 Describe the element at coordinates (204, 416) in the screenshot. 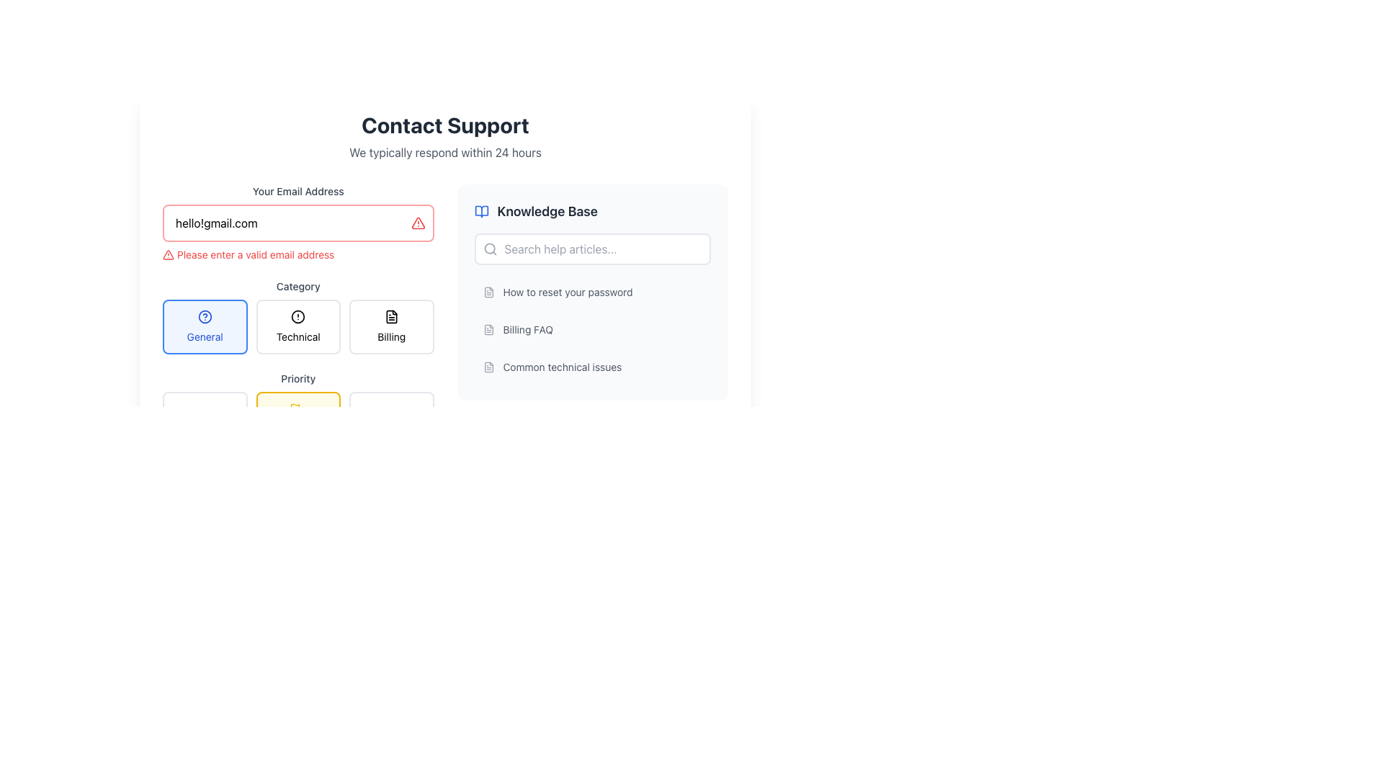

I see `the 'Low' priority button, which is the first button on the left in the group of three buttons labeled 'Low,' 'Medium,' and 'High' under the 'Priority' section` at that location.